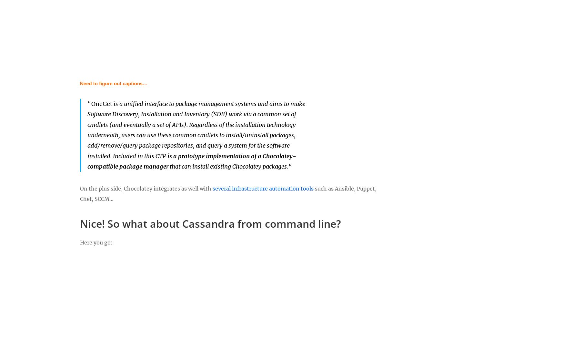  I want to click on 'Nice! So what about Cassandra from command line?', so click(210, 223).